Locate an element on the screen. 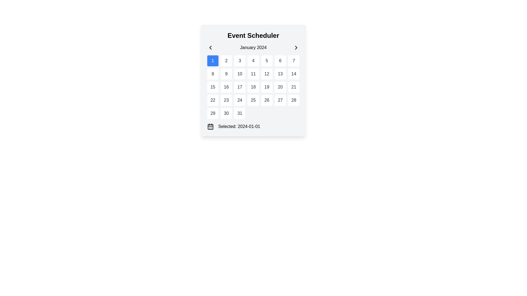 Image resolution: width=527 pixels, height=296 pixels. the calendar button representing the 6th day of the month for keyboard navigation is located at coordinates (280, 61).